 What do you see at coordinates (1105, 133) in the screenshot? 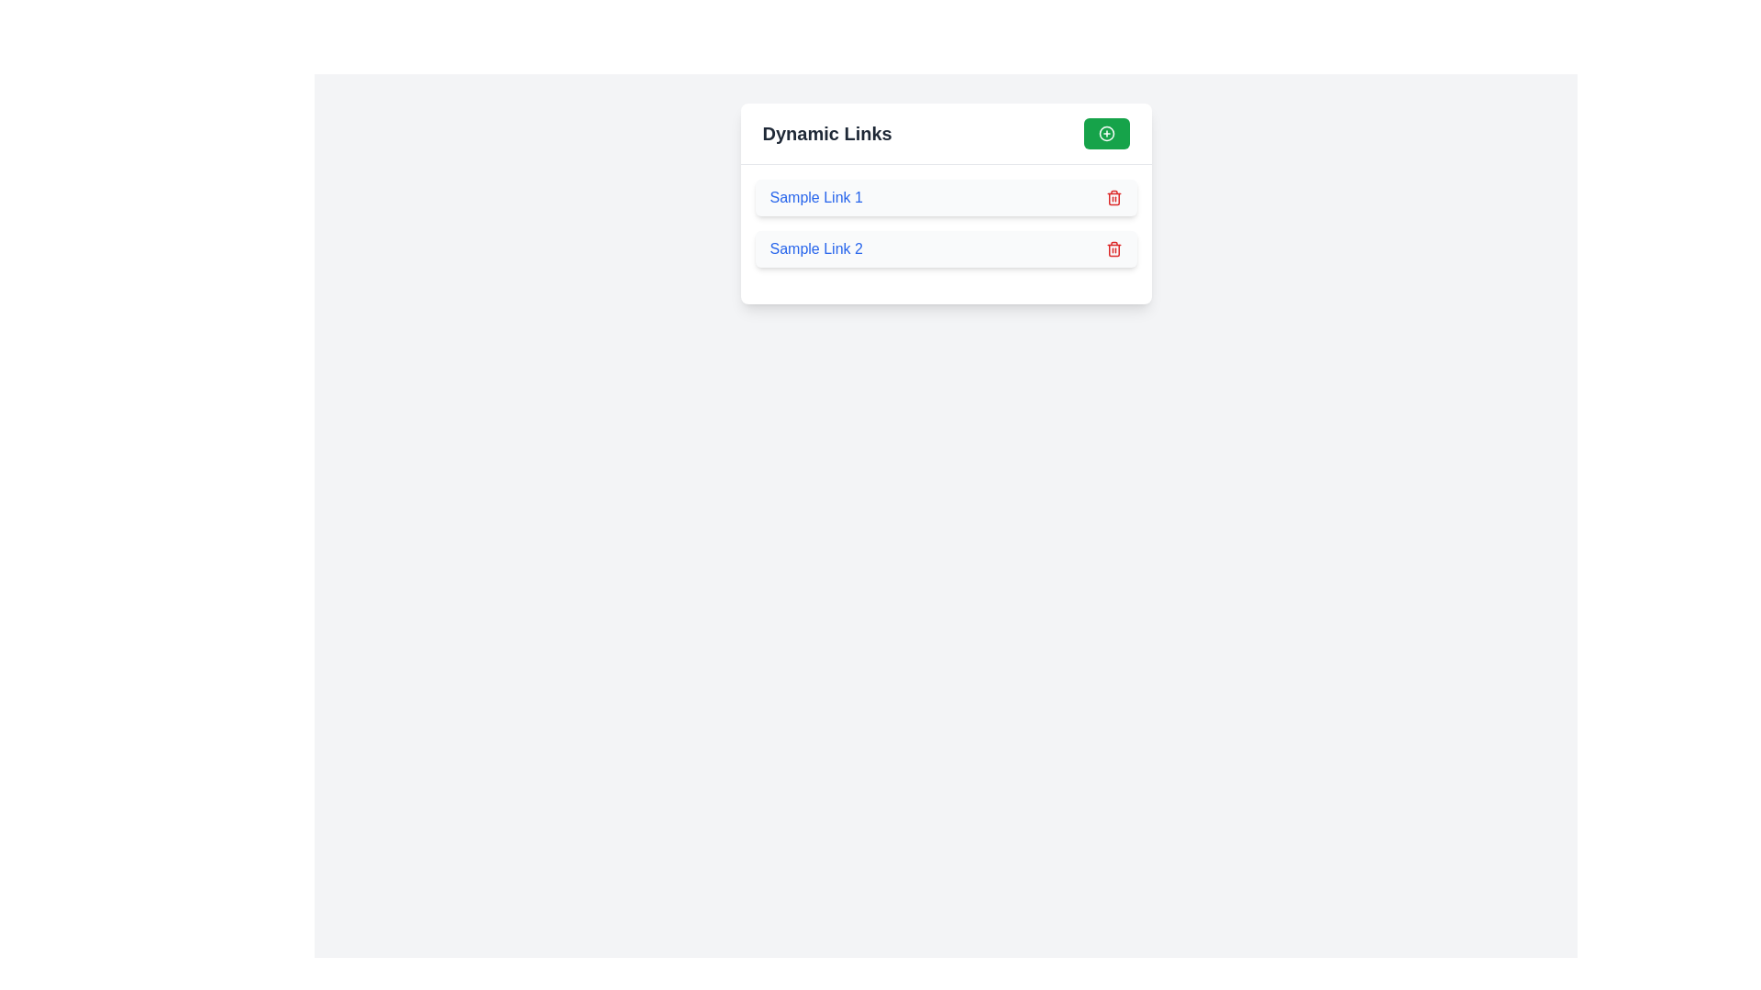
I see `the green square button located in the top-right corner adjacent to the title 'Dynamic Links'` at bounding box center [1105, 133].